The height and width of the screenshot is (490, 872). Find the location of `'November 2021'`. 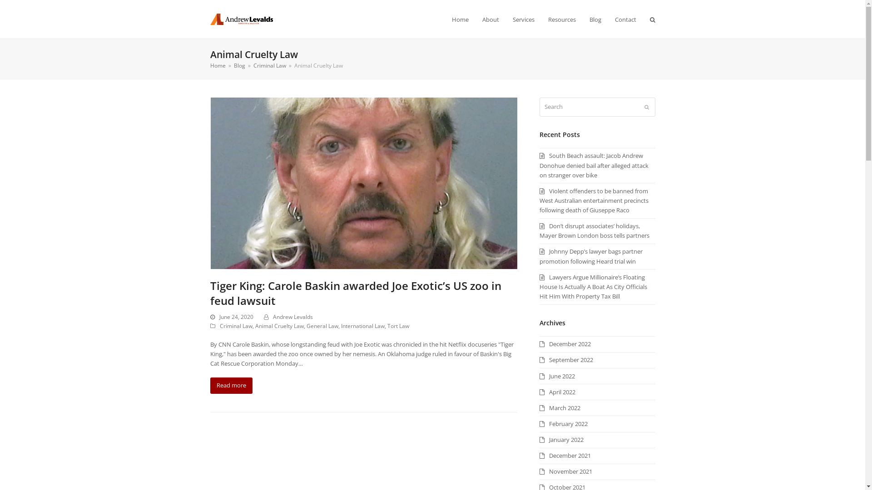

'November 2021' is located at coordinates (540, 470).